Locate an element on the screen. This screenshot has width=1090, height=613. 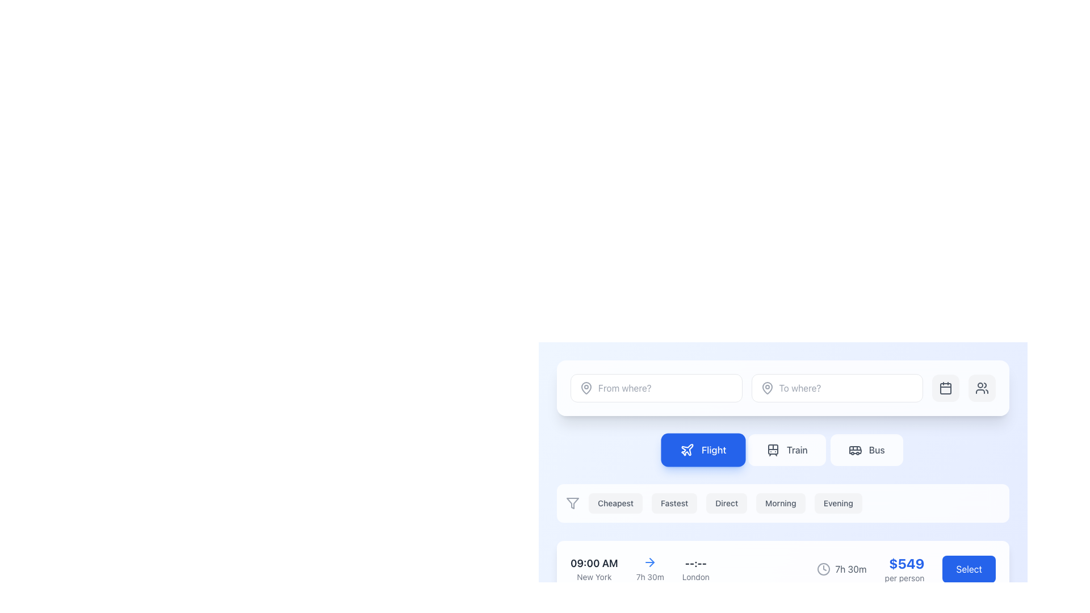
the time icon that visually represents '7h 30m', located to the left of the text in a booking interface is located at coordinates (824, 569).